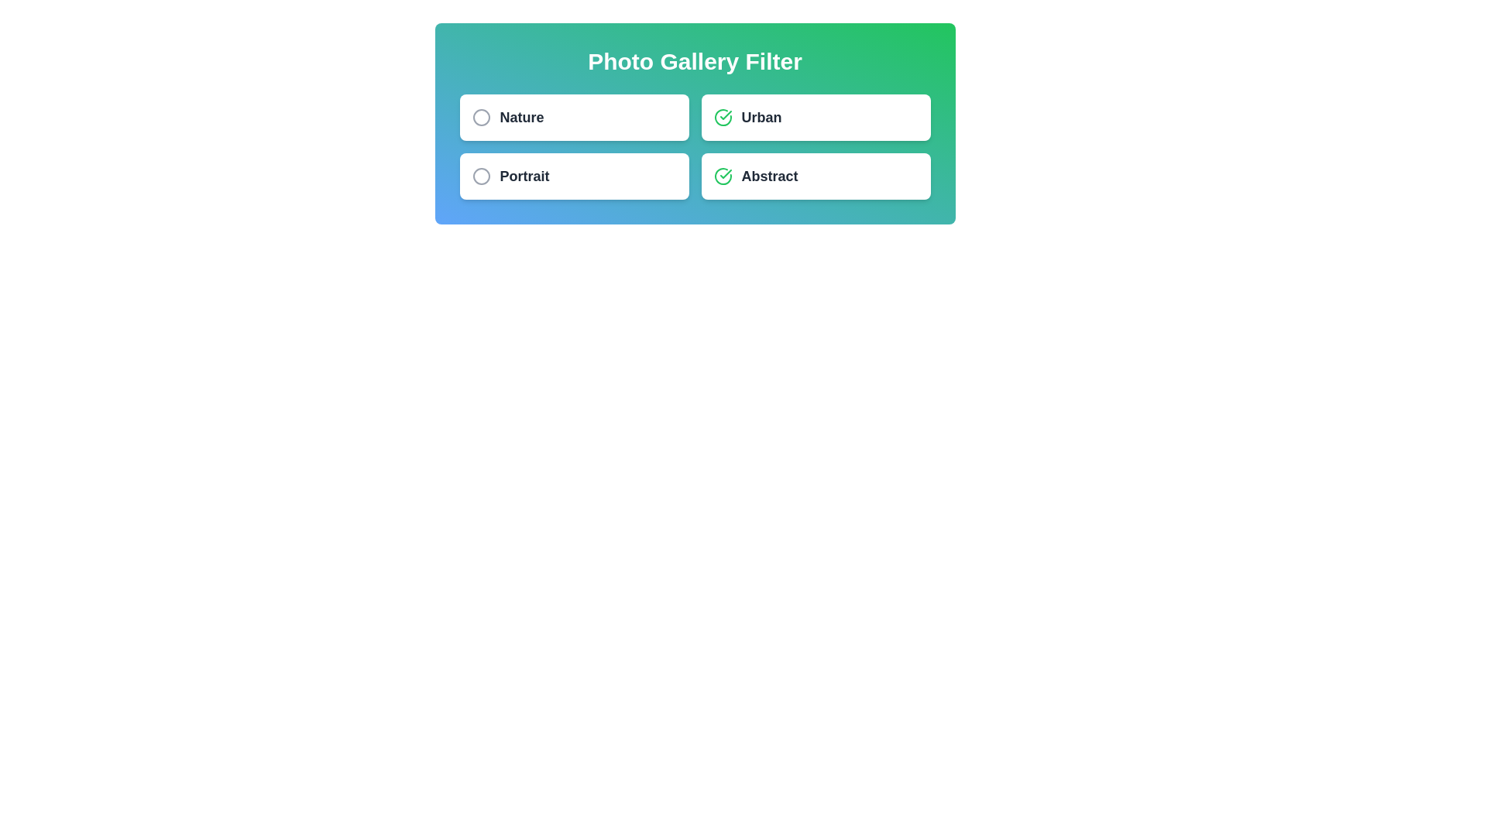  I want to click on the filter item Portrait, so click(573, 175).